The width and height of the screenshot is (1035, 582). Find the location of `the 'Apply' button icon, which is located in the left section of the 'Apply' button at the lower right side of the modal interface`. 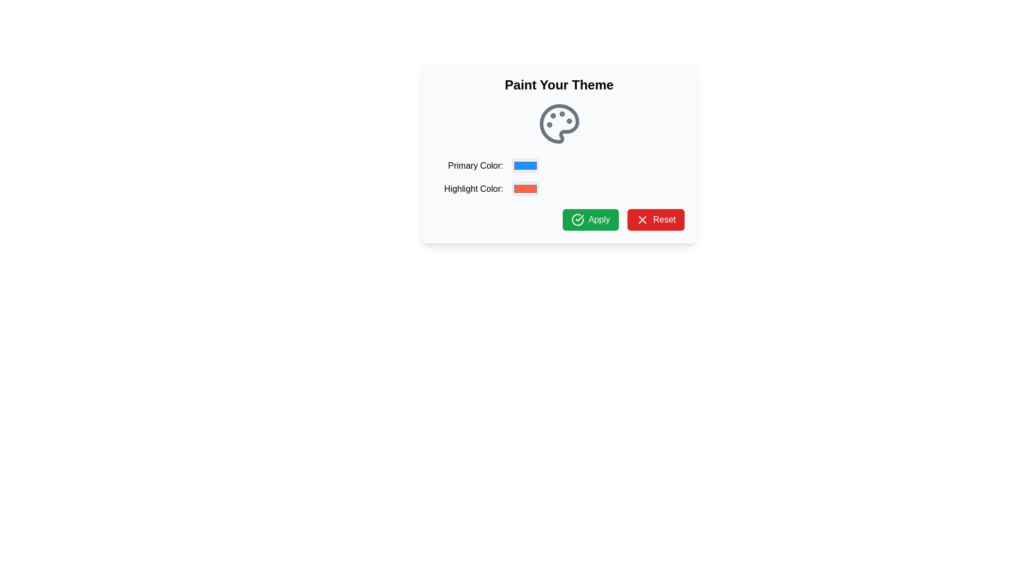

the 'Apply' button icon, which is located in the left section of the 'Apply' button at the lower right side of the modal interface is located at coordinates (577, 219).